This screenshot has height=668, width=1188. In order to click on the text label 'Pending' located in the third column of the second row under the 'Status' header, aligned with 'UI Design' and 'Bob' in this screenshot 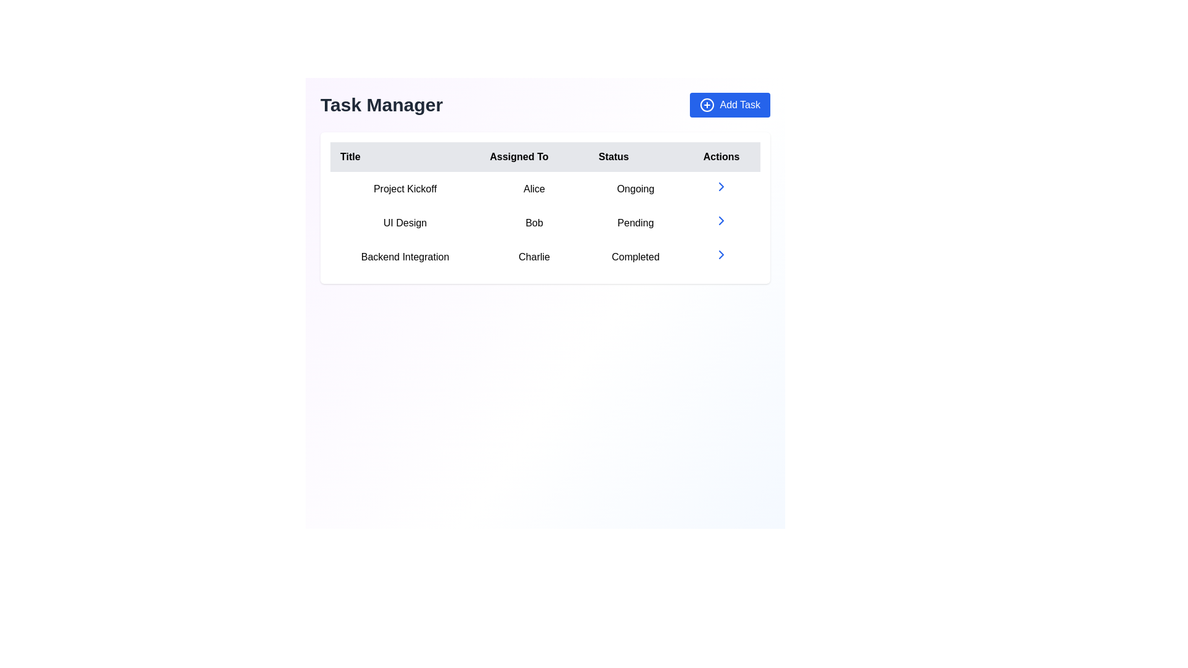, I will do `click(635, 223)`.